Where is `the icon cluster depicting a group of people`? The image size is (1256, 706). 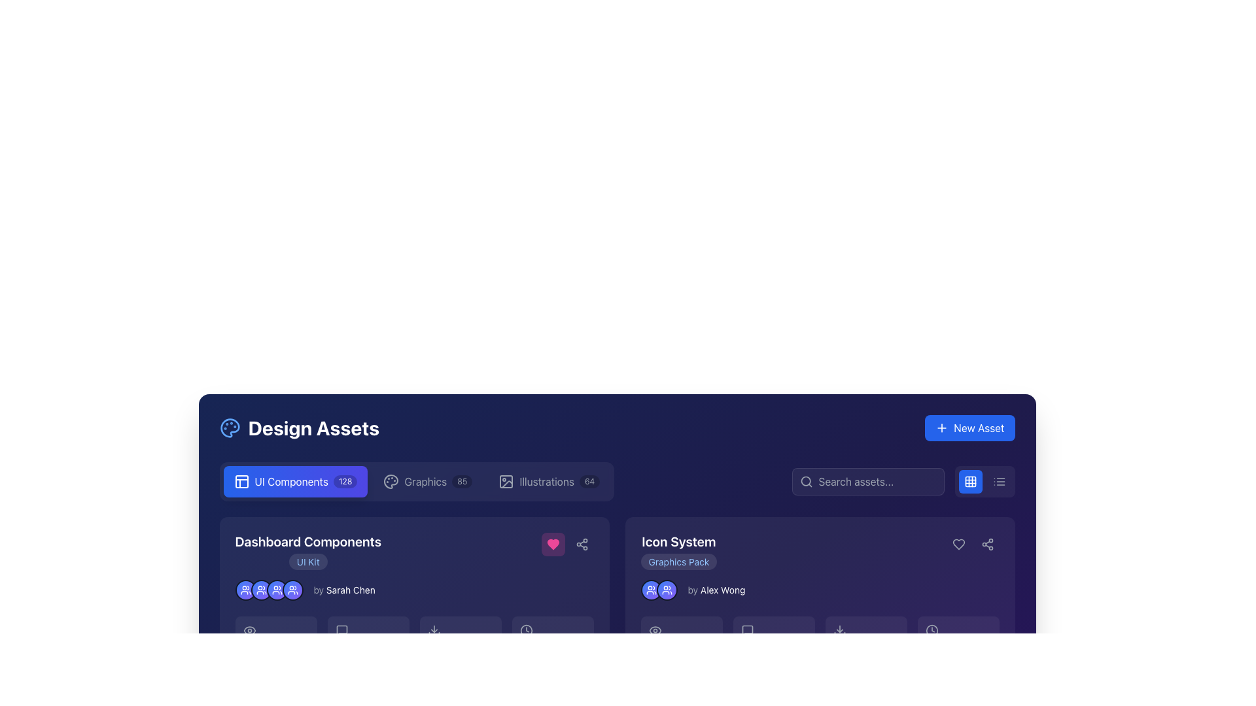 the icon cluster depicting a group of people is located at coordinates (268, 590).